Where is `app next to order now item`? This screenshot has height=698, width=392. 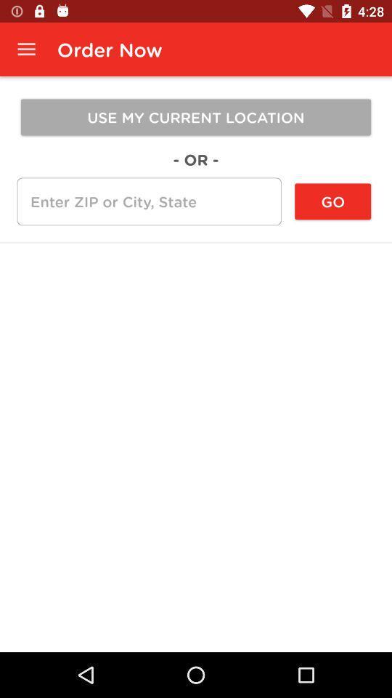
app next to order now item is located at coordinates (26, 49).